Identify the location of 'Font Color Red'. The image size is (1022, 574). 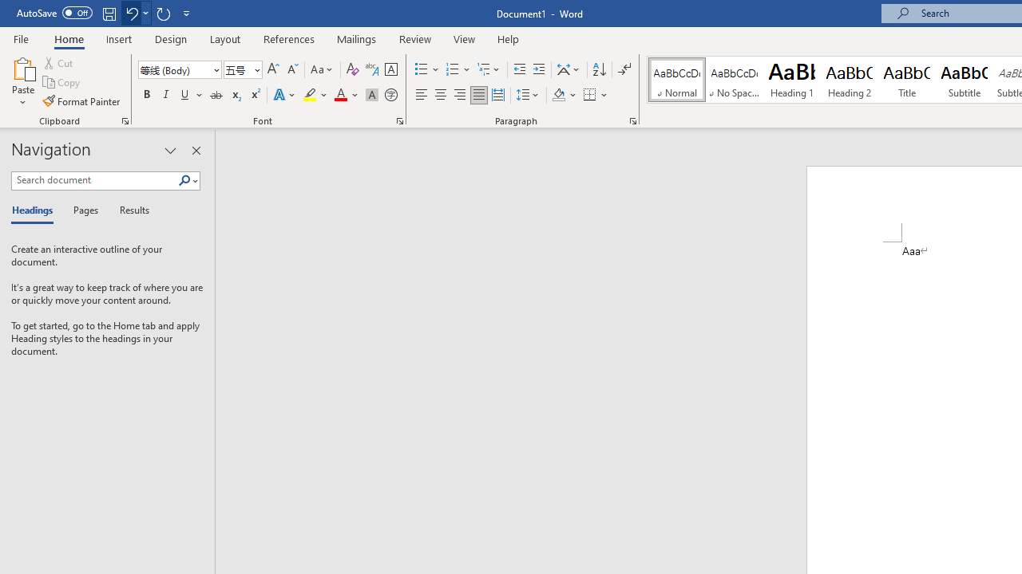
(339, 95).